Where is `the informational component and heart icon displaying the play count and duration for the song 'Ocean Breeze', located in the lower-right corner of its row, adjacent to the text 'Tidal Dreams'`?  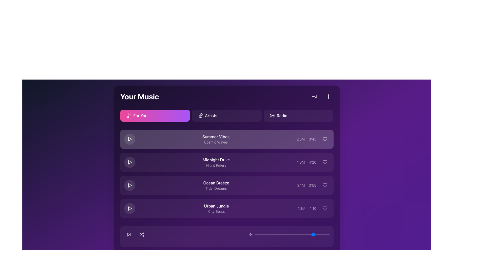
the informational component and heart icon displaying the play count and duration for the song 'Ocean Breeze', located in the lower-right corner of its row, adjacent to the text 'Tidal Dreams' is located at coordinates (313, 185).